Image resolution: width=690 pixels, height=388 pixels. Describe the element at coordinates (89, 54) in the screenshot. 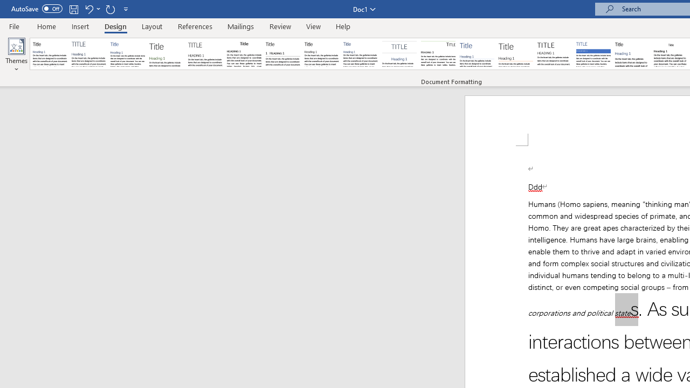

I see `'Basic (Elegant)'` at that location.